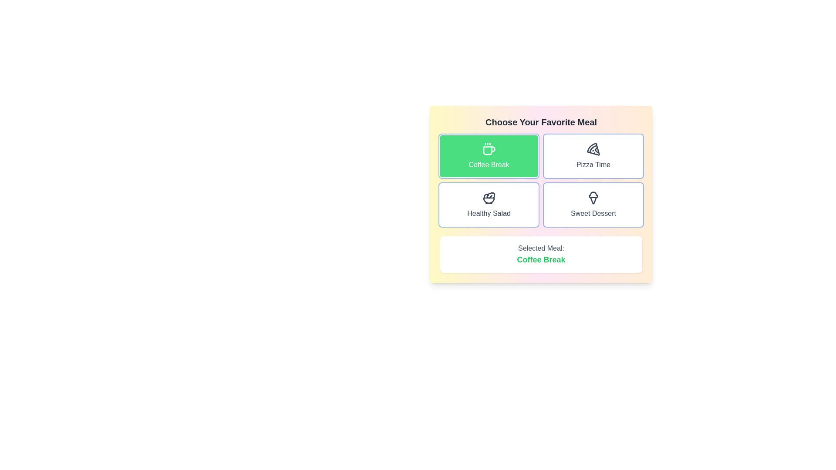 The width and height of the screenshot is (836, 470). Describe the element at coordinates (593, 205) in the screenshot. I see `the button labeled Sweet Dessert to view its hover effect` at that location.